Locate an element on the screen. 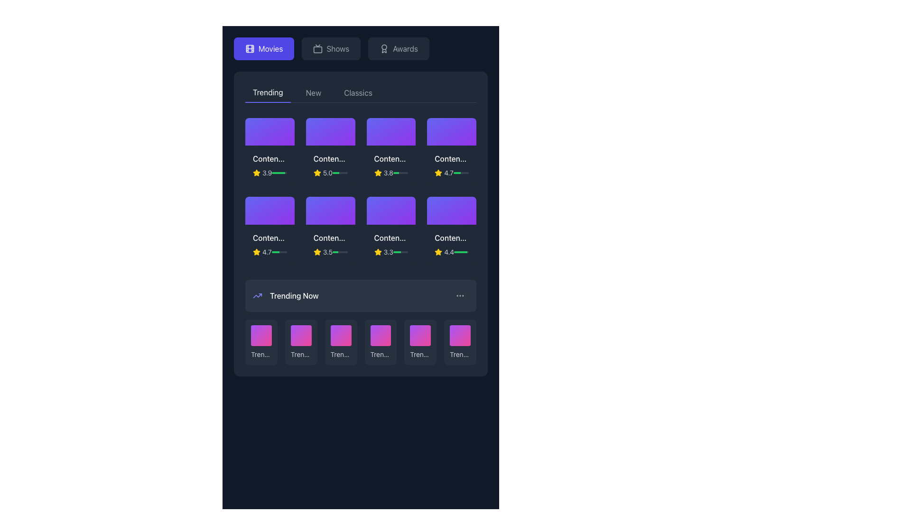 The width and height of the screenshot is (911, 512). the title label in the second row, third column of the 'Trending' section under the 'Movies' category is located at coordinates (391, 237).